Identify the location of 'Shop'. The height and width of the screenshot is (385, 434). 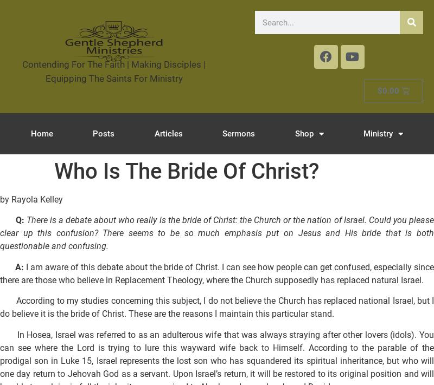
(304, 134).